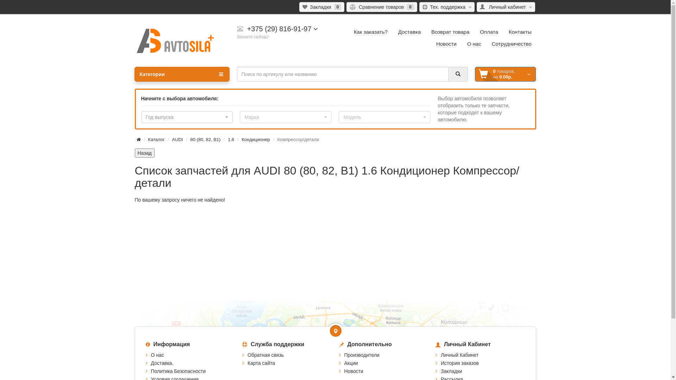 This screenshot has width=676, height=380. What do you see at coordinates (177, 139) in the screenshot?
I see `'AUDI'` at bounding box center [177, 139].